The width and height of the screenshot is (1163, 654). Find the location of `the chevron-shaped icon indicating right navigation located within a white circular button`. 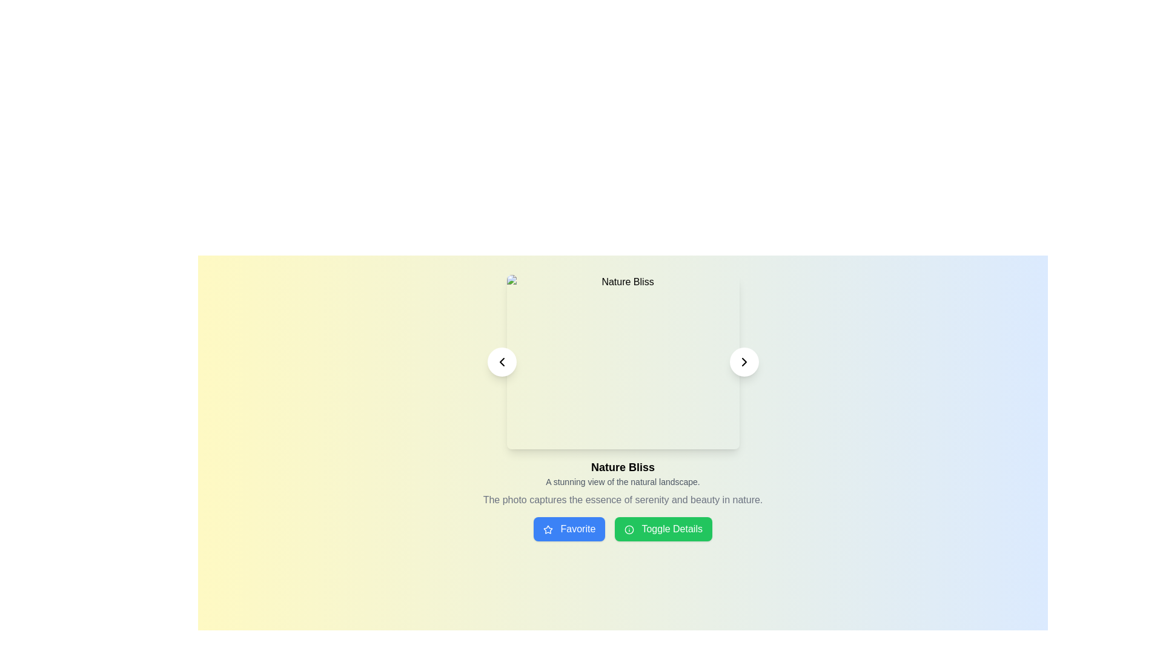

the chevron-shaped icon indicating right navigation located within a white circular button is located at coordinates (743, 361).